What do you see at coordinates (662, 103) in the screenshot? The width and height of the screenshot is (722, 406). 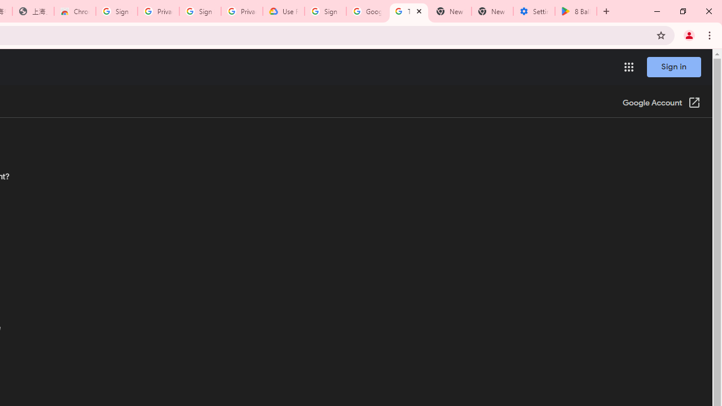 I see `'Google Account (Open in a new window)'` at bounding box center [662, 103].